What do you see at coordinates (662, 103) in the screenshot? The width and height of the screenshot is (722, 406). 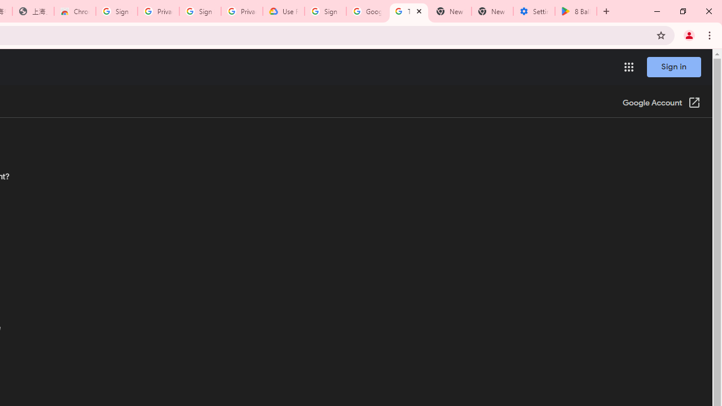 I see `'Google Account (Open in a new window)'` at bounding box center [662, 103].